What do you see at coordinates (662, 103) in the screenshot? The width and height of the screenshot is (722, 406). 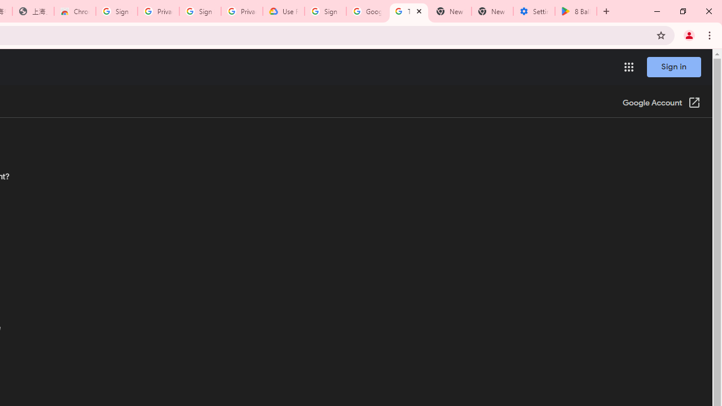 I see `'Google Account (Open in a new window)'` at bounding box center [662, 103].